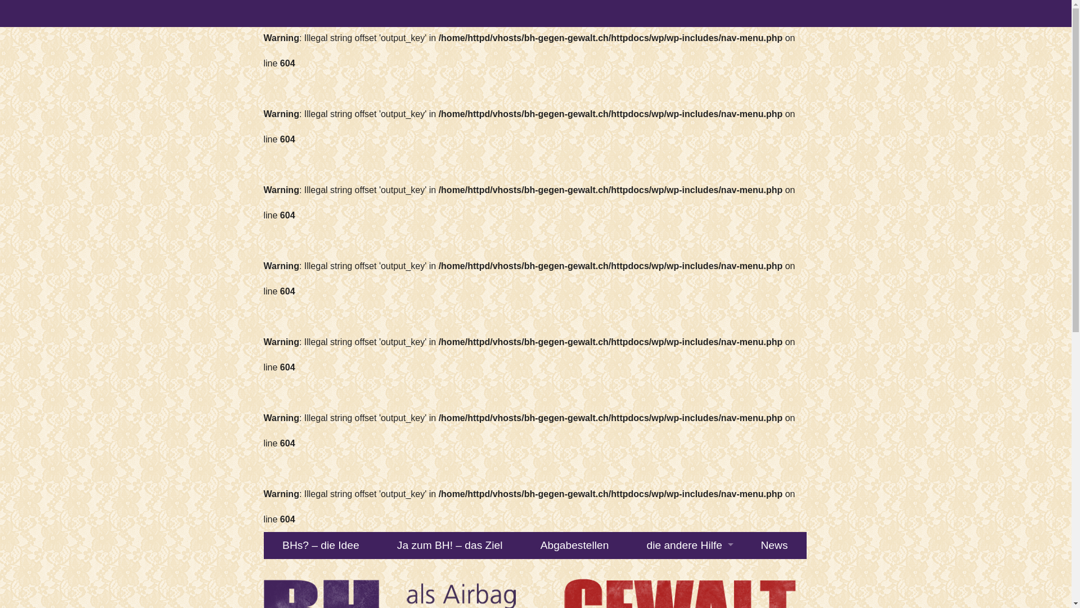 This screenshot has height=608, width=1080. What do you see at coordinates (684, 544) in the screenshot?
I see `'die andere Hilfe'` at bounding box center [684, 544].